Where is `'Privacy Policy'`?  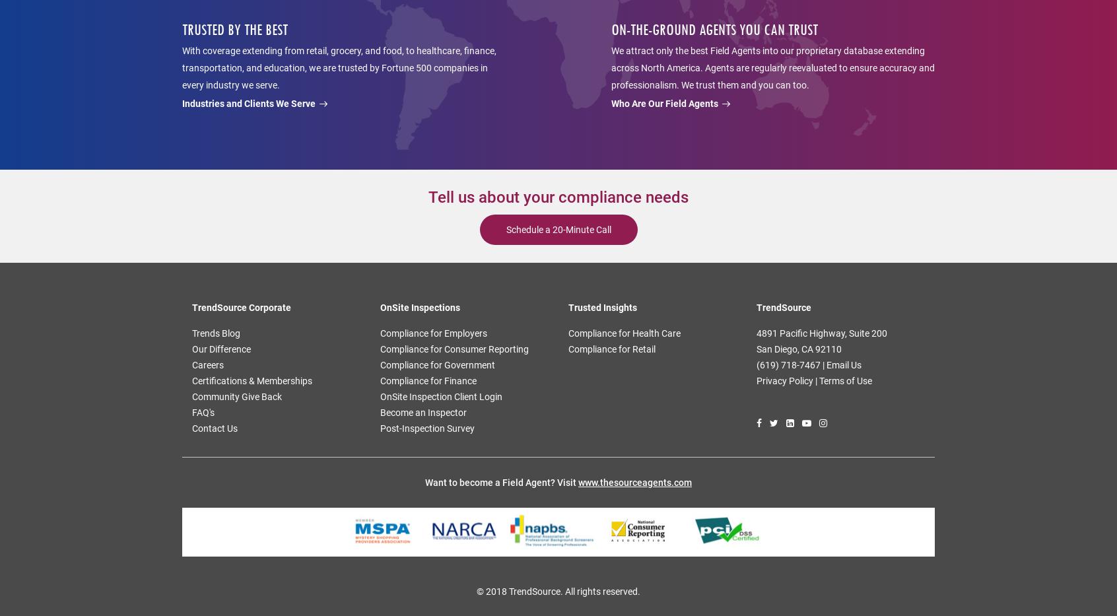
'Privacy Policy' is located at coordinates (784, 380).